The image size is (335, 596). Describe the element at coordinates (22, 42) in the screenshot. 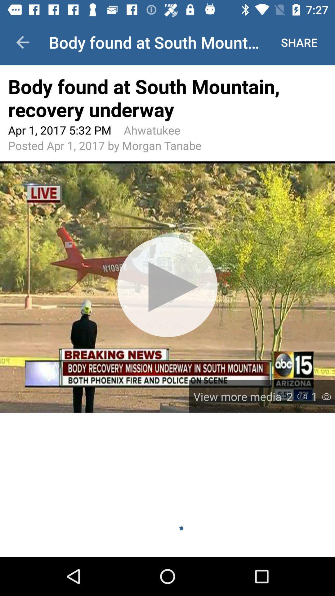

I see `icon above body found at item` at that location.